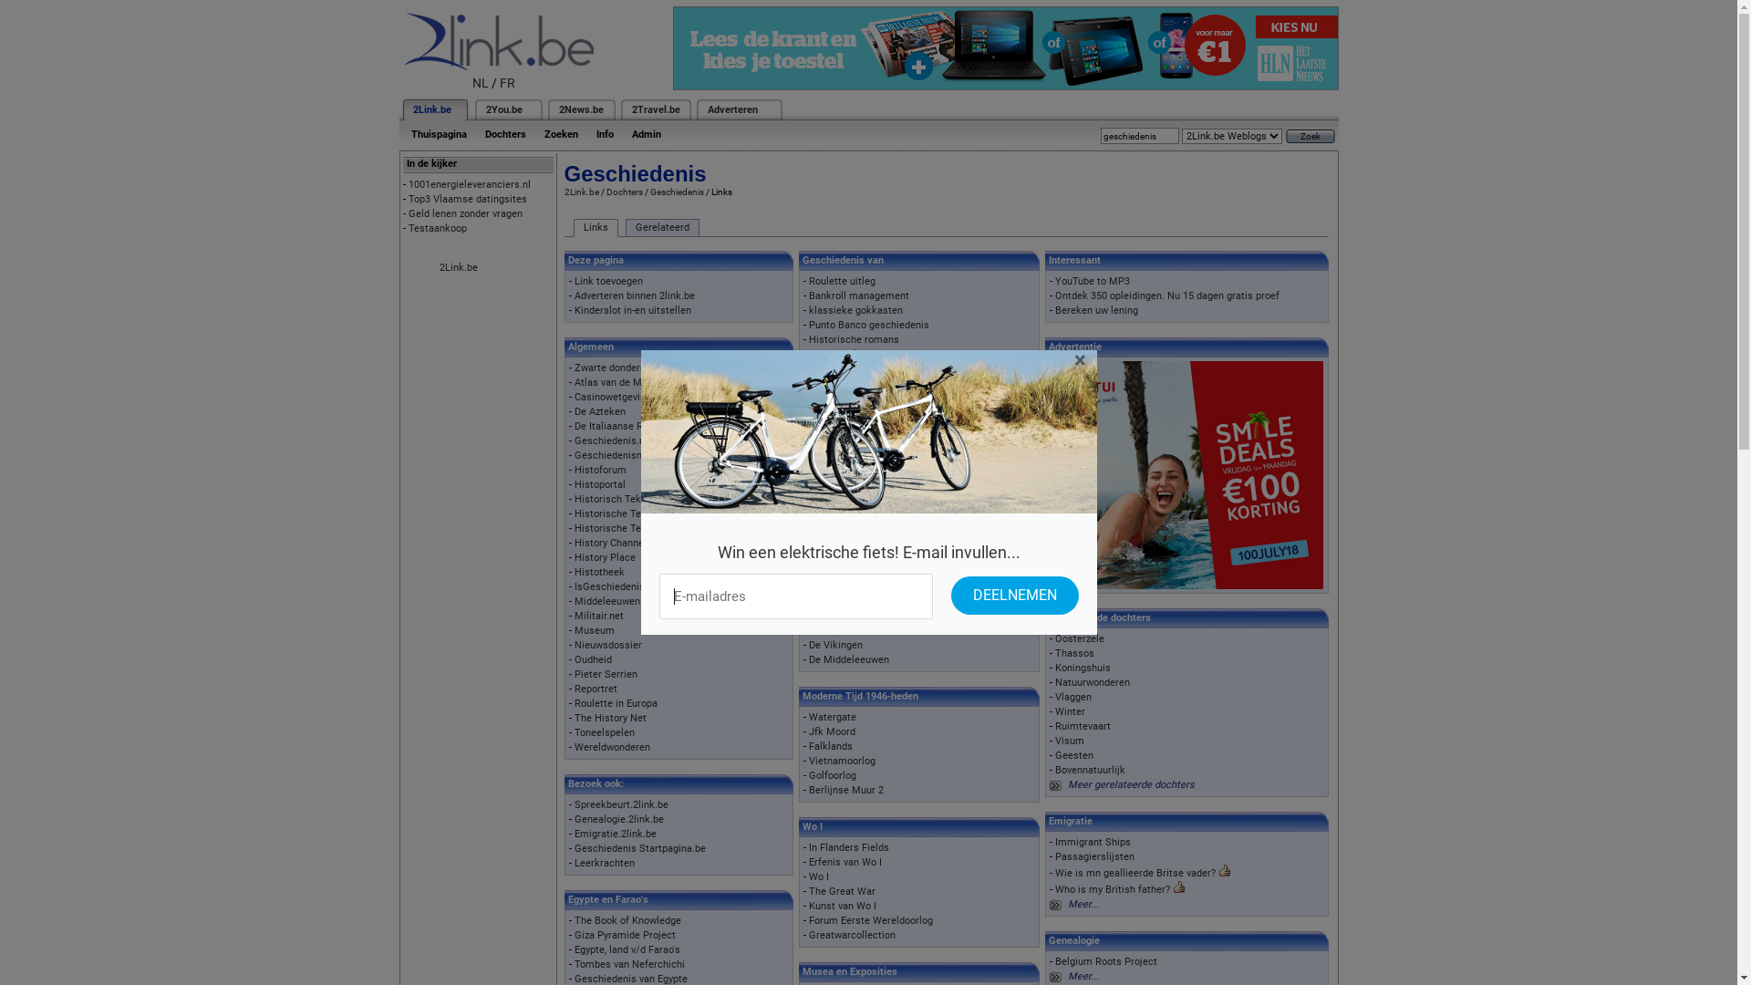  I want to click on 'Watergate', so click(808, 716).